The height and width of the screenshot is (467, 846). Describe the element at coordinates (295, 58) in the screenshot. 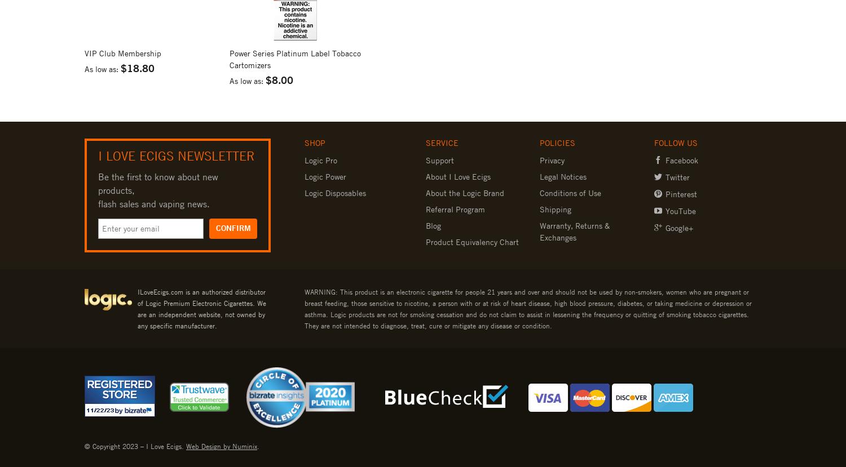

I see `'Power Series Platinum Label Tobacco Cartomizers'` at that location.